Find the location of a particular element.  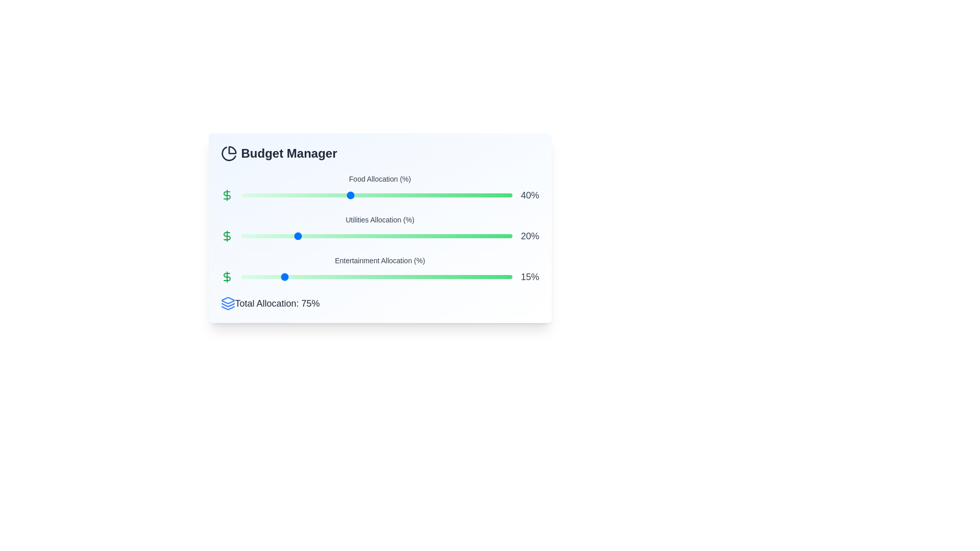

the Utilities Allocation slider to 51% is located at coordinates (379, 236).